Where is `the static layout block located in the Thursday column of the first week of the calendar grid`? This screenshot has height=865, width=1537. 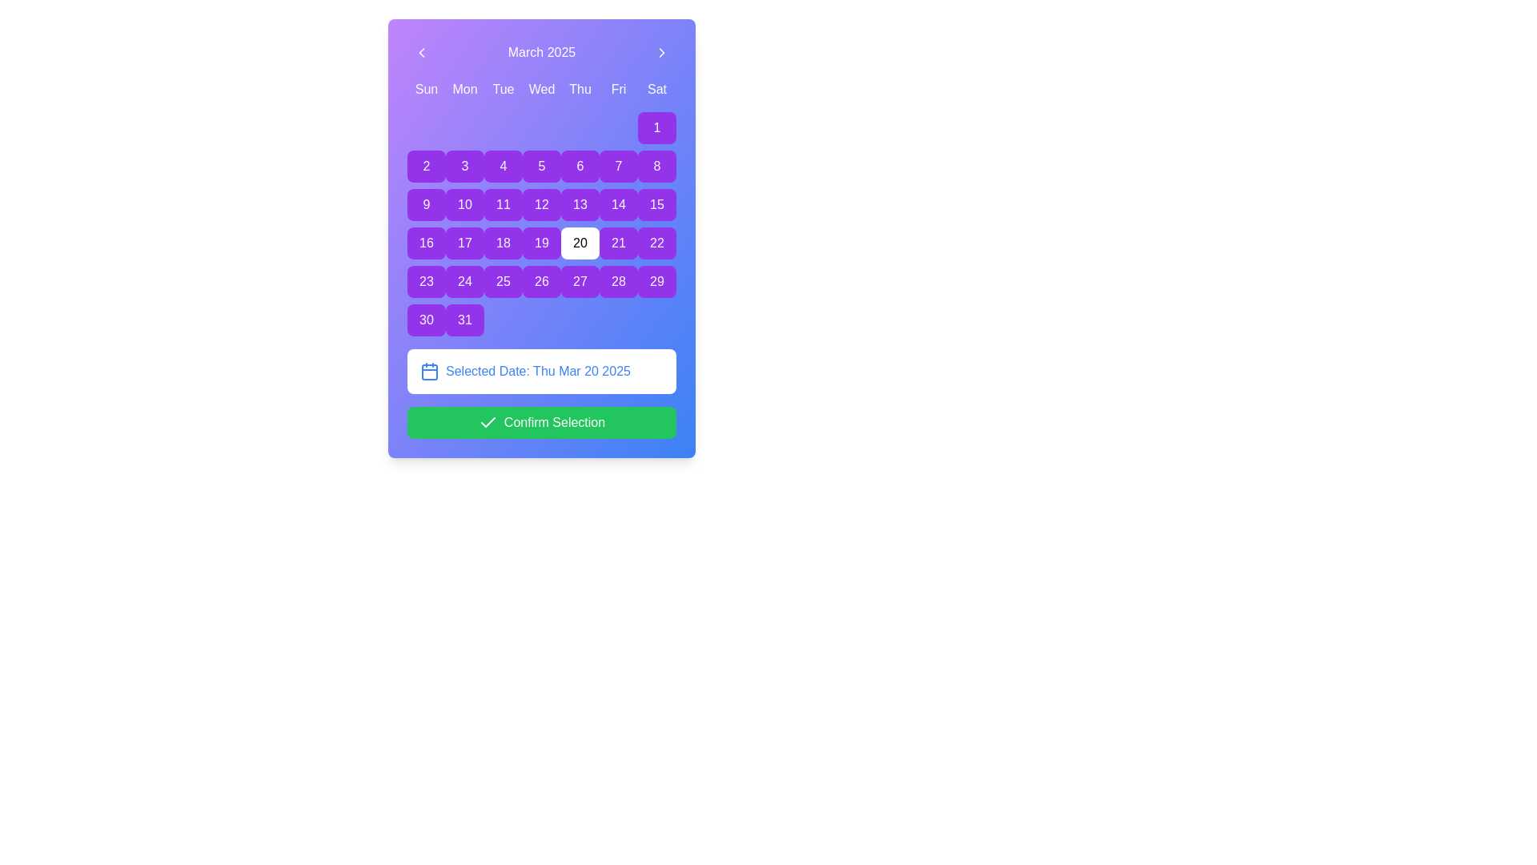
the static layout block located in the Thursday column of the first week of the calendar grid is located at coordinates (579, 127).